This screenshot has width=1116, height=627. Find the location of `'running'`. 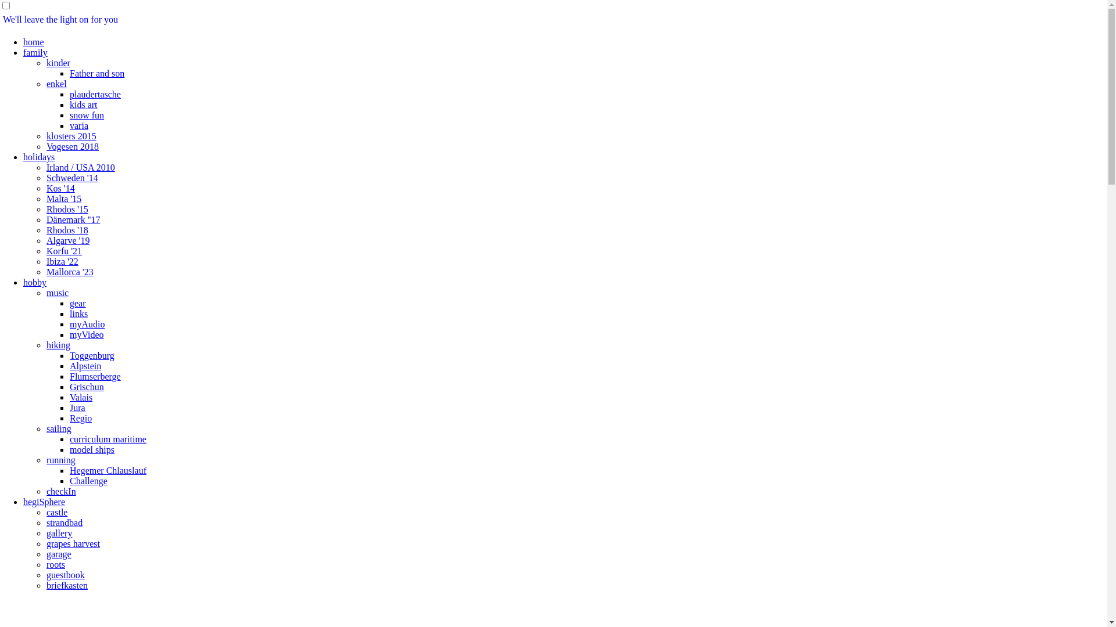

'running' is located at coordinates (46, 459).